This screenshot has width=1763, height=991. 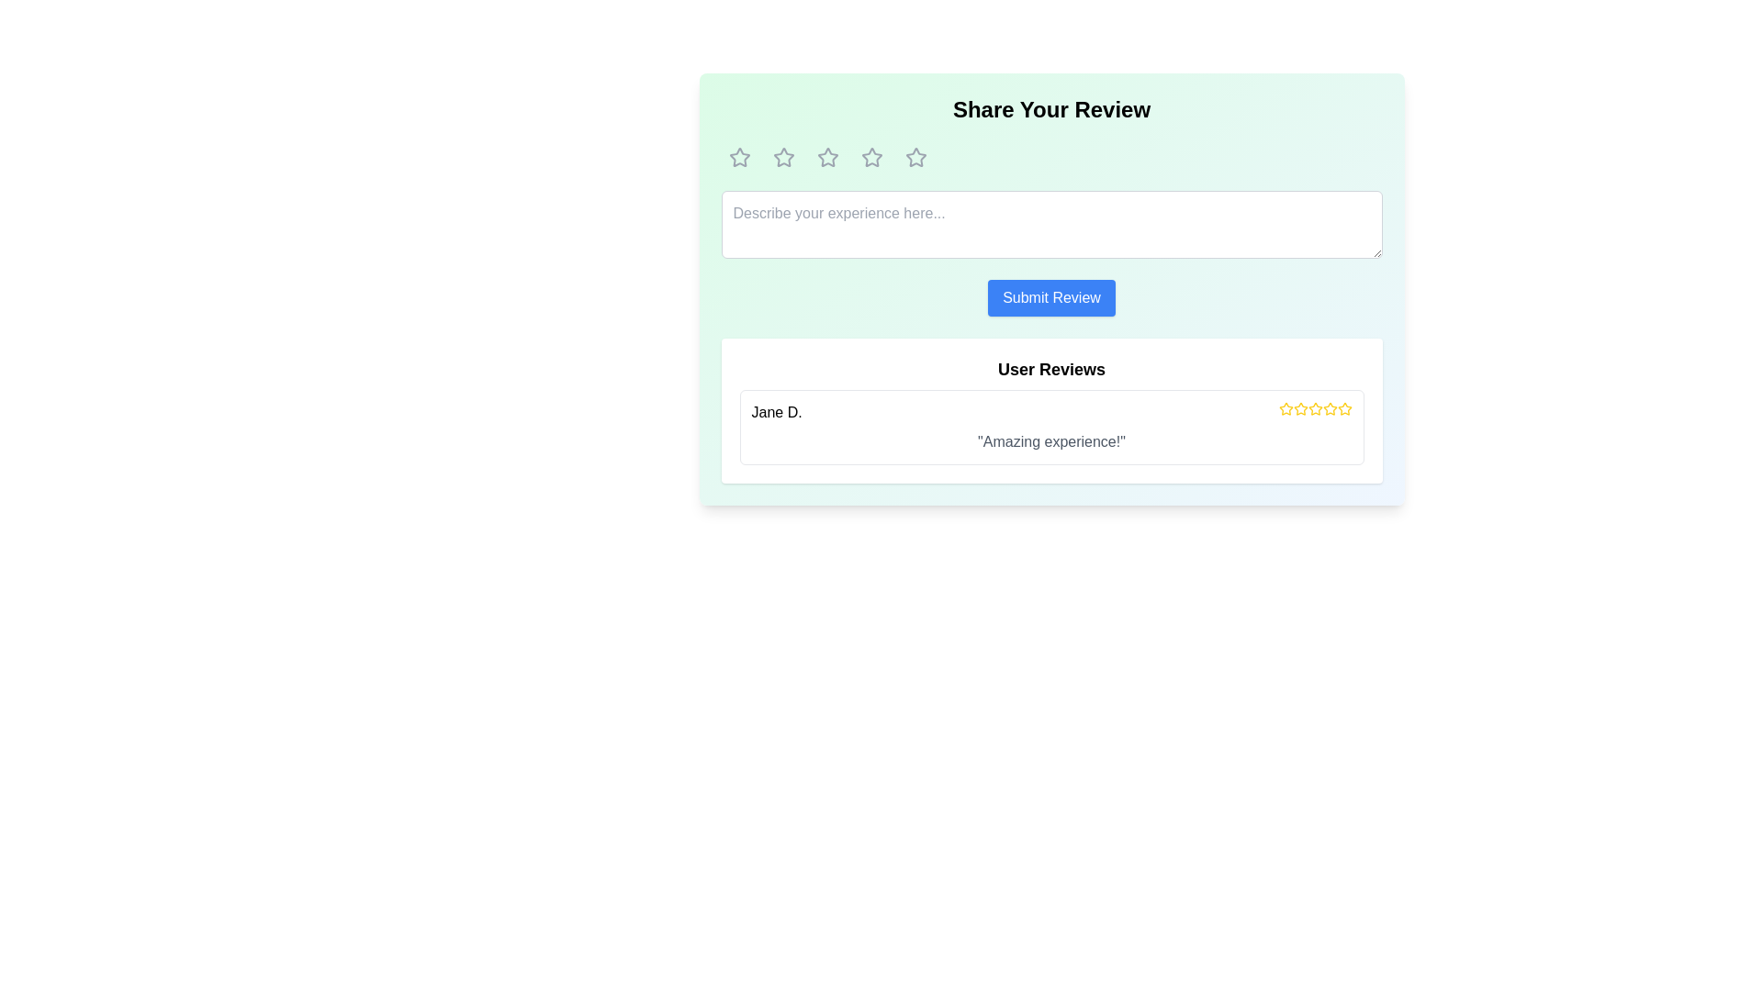 I want to click on the third star icon in the User Reviews section to interact with the rating system, so click(x=1314, y=407).